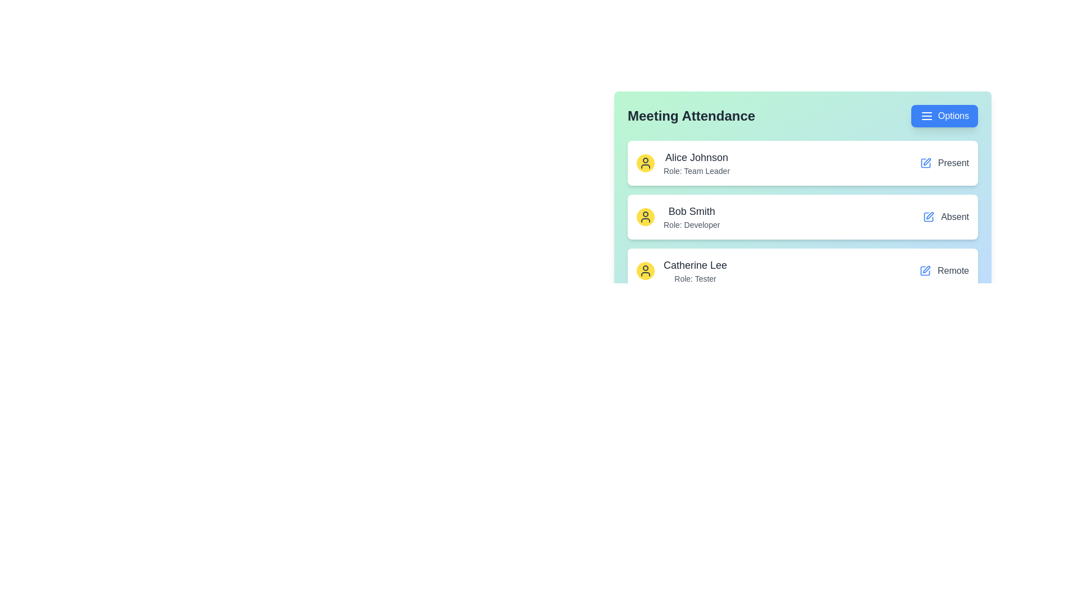 This screenshot has width=1078, height=606. Describe the element at coordinates (695, 265) in the screenshot. I see `the text component displaying the name 'Catherine Lee', which indicates their association with the meeting attendance list, located to the right of the circular avatar icon and above the smaller text segment stating 'Role: Tester'` at that location.